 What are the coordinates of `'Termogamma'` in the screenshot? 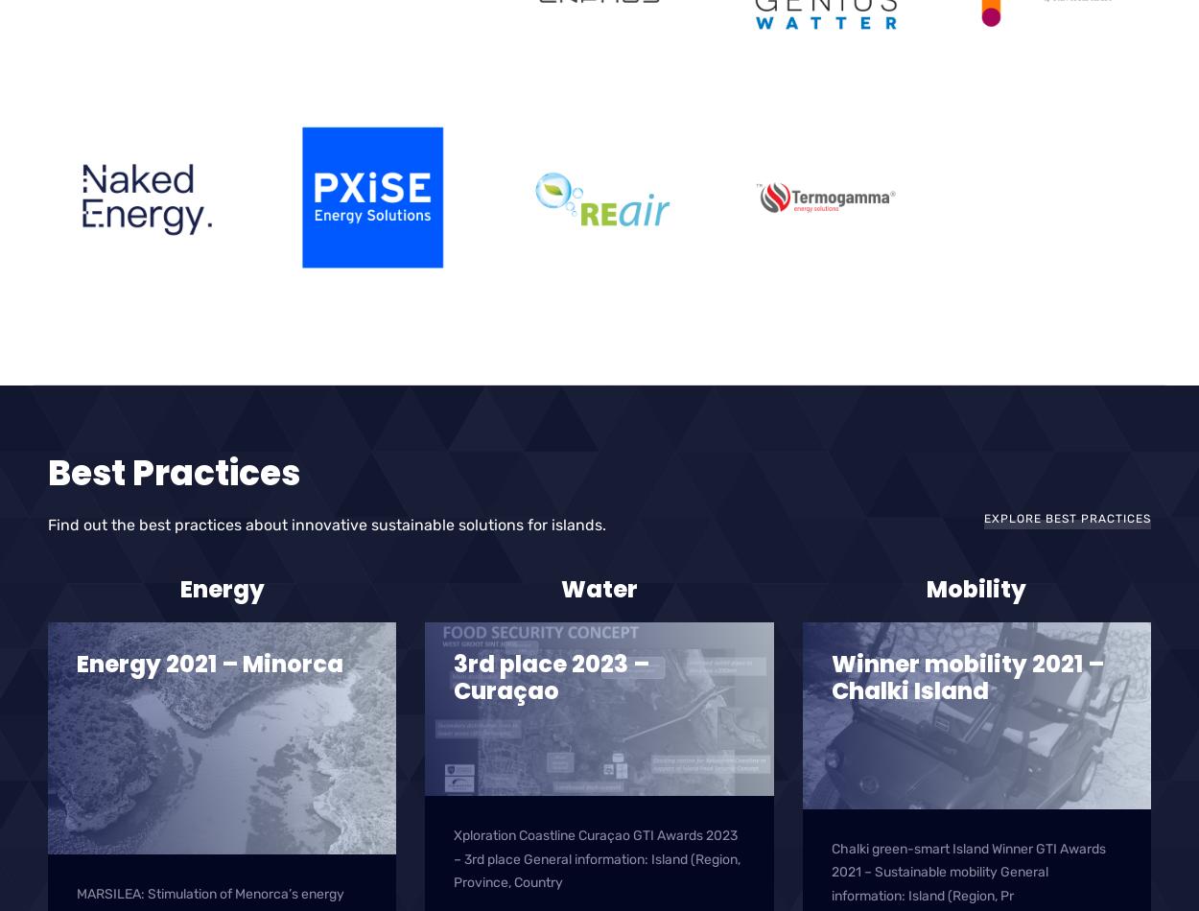 It's located at (791, 200).